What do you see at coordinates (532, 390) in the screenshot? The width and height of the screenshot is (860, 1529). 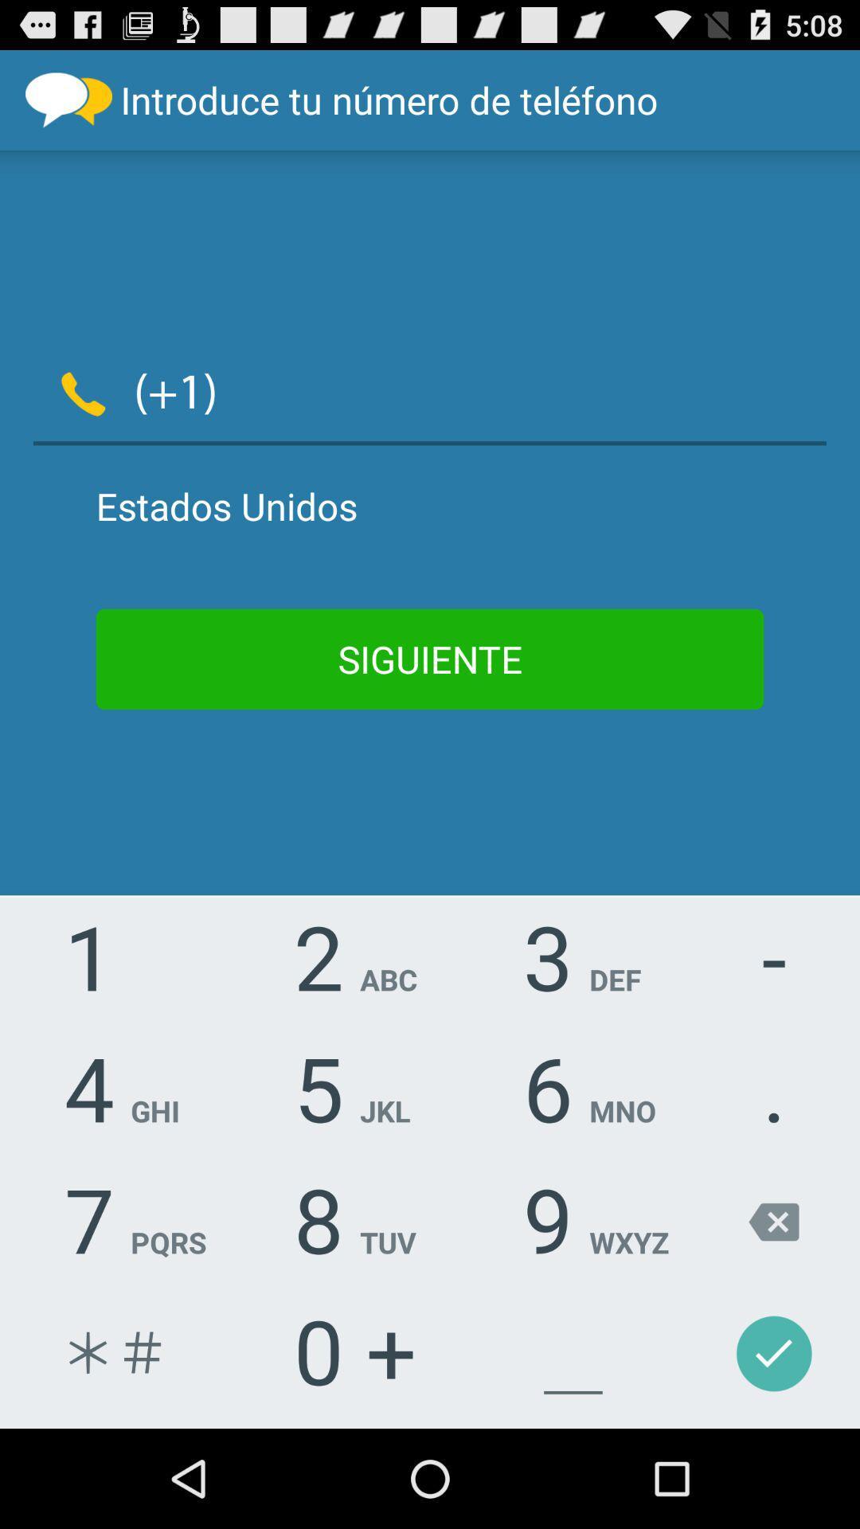 I see `type phone number` at bounding box center [532, 390].